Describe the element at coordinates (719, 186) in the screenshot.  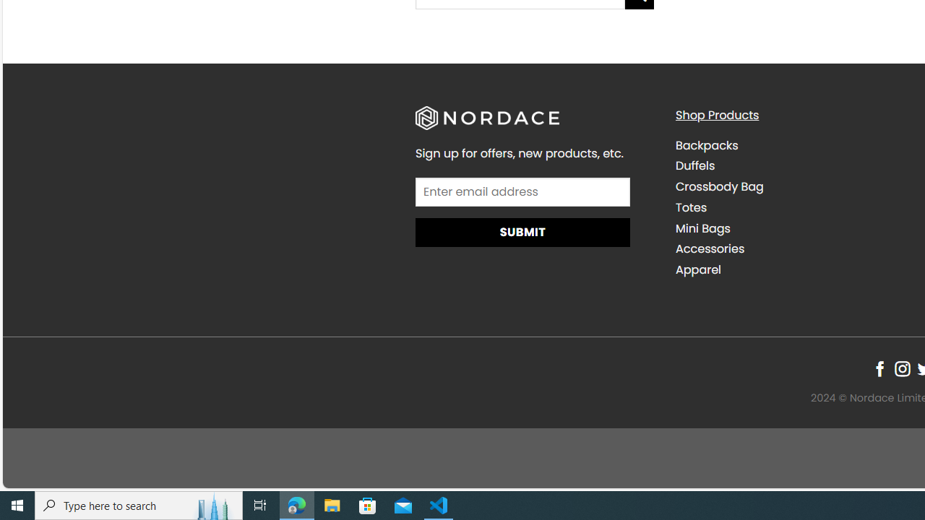
I see `'Crossbody Bag'` at that location.